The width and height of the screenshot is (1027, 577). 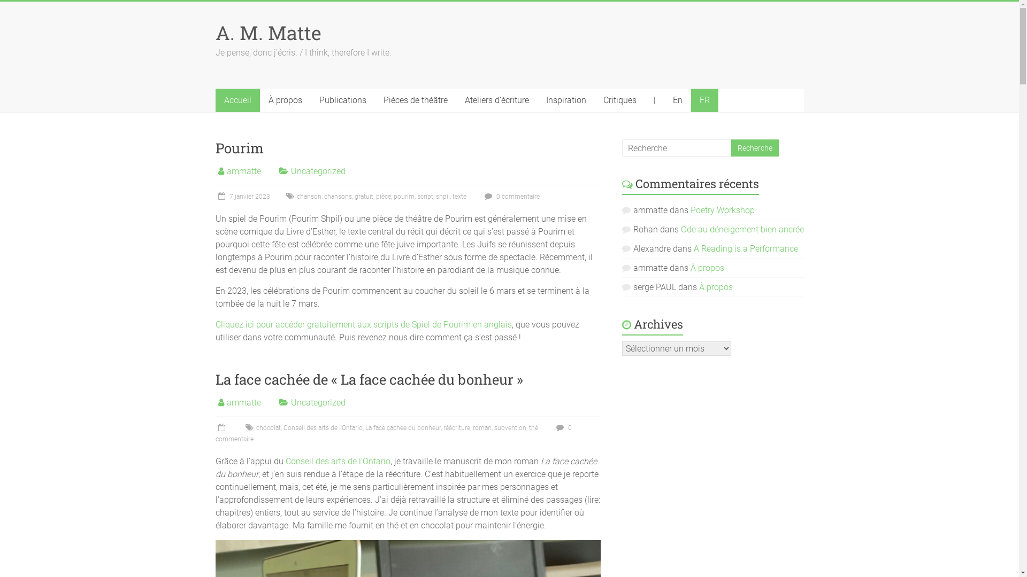 What do you see at coordinates (296, 196) in the screenshot?
I see `'chanson'` at bounding box center [296, 196].